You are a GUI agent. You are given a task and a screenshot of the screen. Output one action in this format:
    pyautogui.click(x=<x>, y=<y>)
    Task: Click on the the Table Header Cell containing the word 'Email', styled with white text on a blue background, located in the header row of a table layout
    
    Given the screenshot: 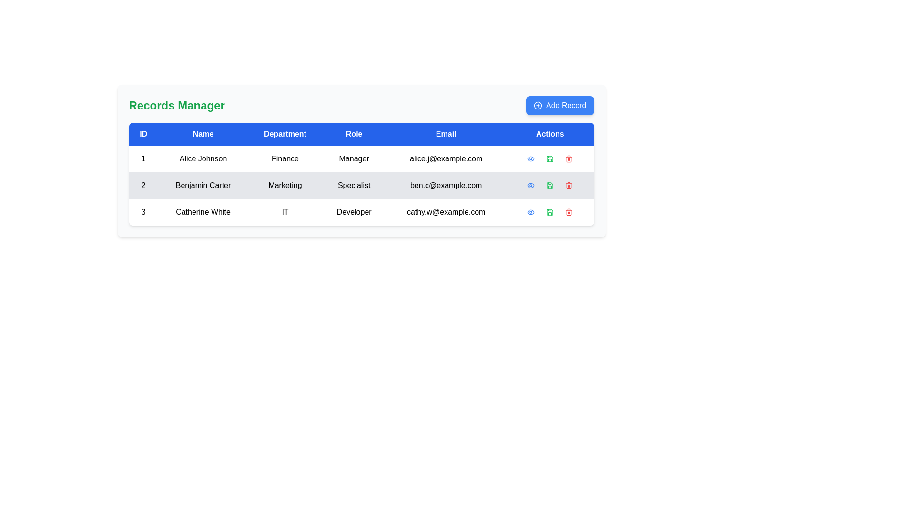 What is the action you would take?
    pyautogui.click(x=446, y=134)
    